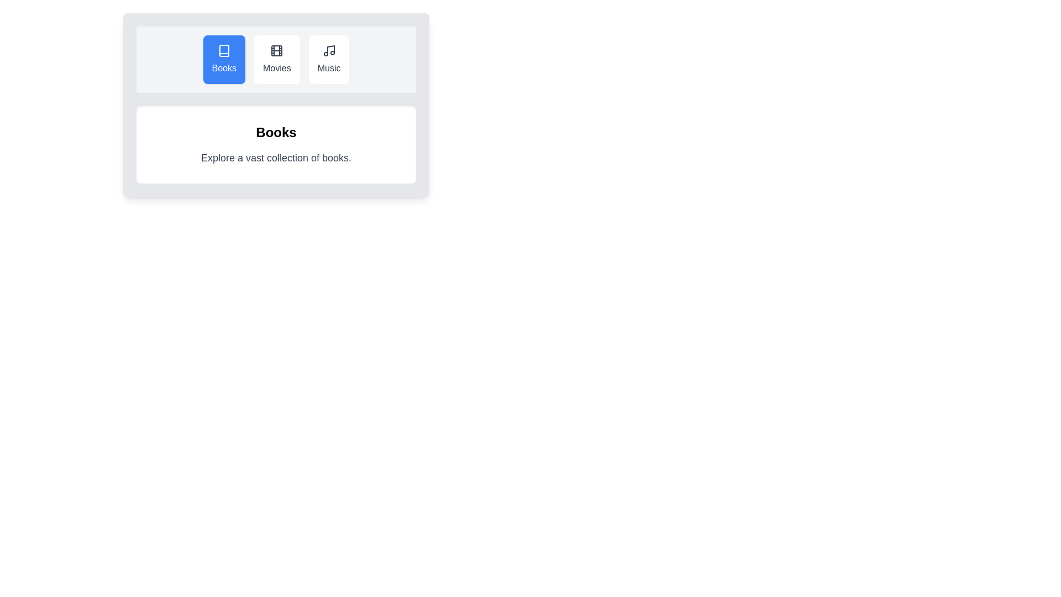  I want to click on the Music tab, so click(328, 60).